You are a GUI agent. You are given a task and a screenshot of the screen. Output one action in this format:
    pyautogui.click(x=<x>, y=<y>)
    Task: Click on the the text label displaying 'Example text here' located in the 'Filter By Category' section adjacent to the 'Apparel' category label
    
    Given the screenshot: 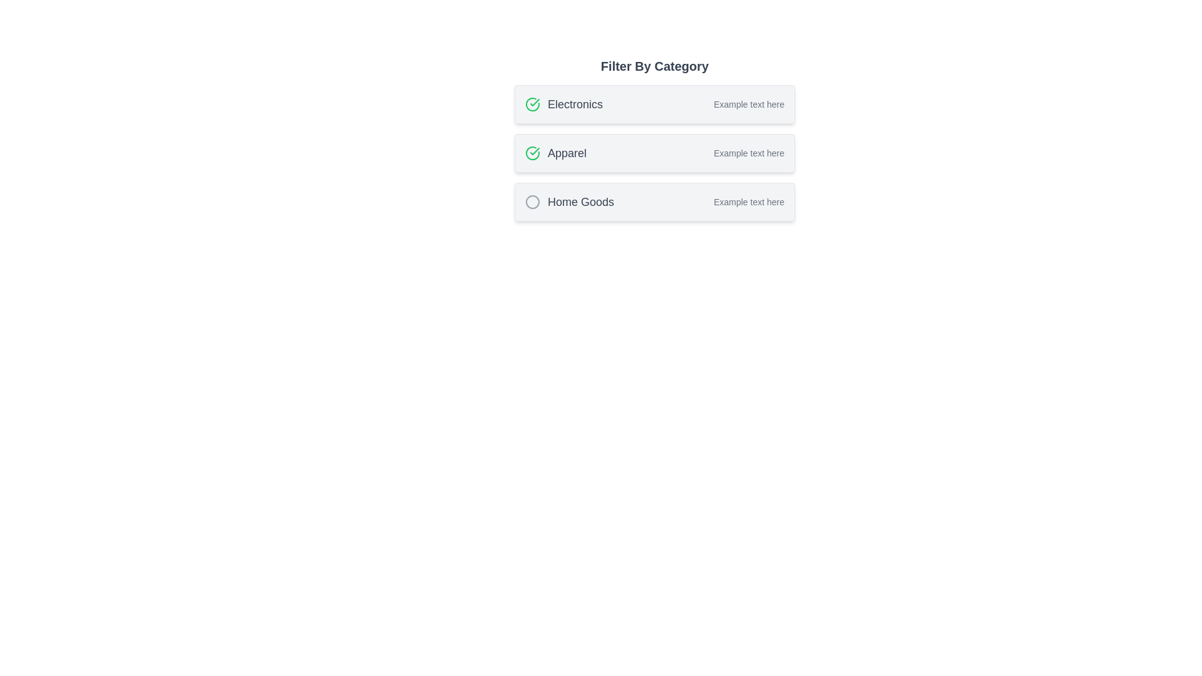 What is the action you would take?
    pyautogui.click(x=749, y=153)
    